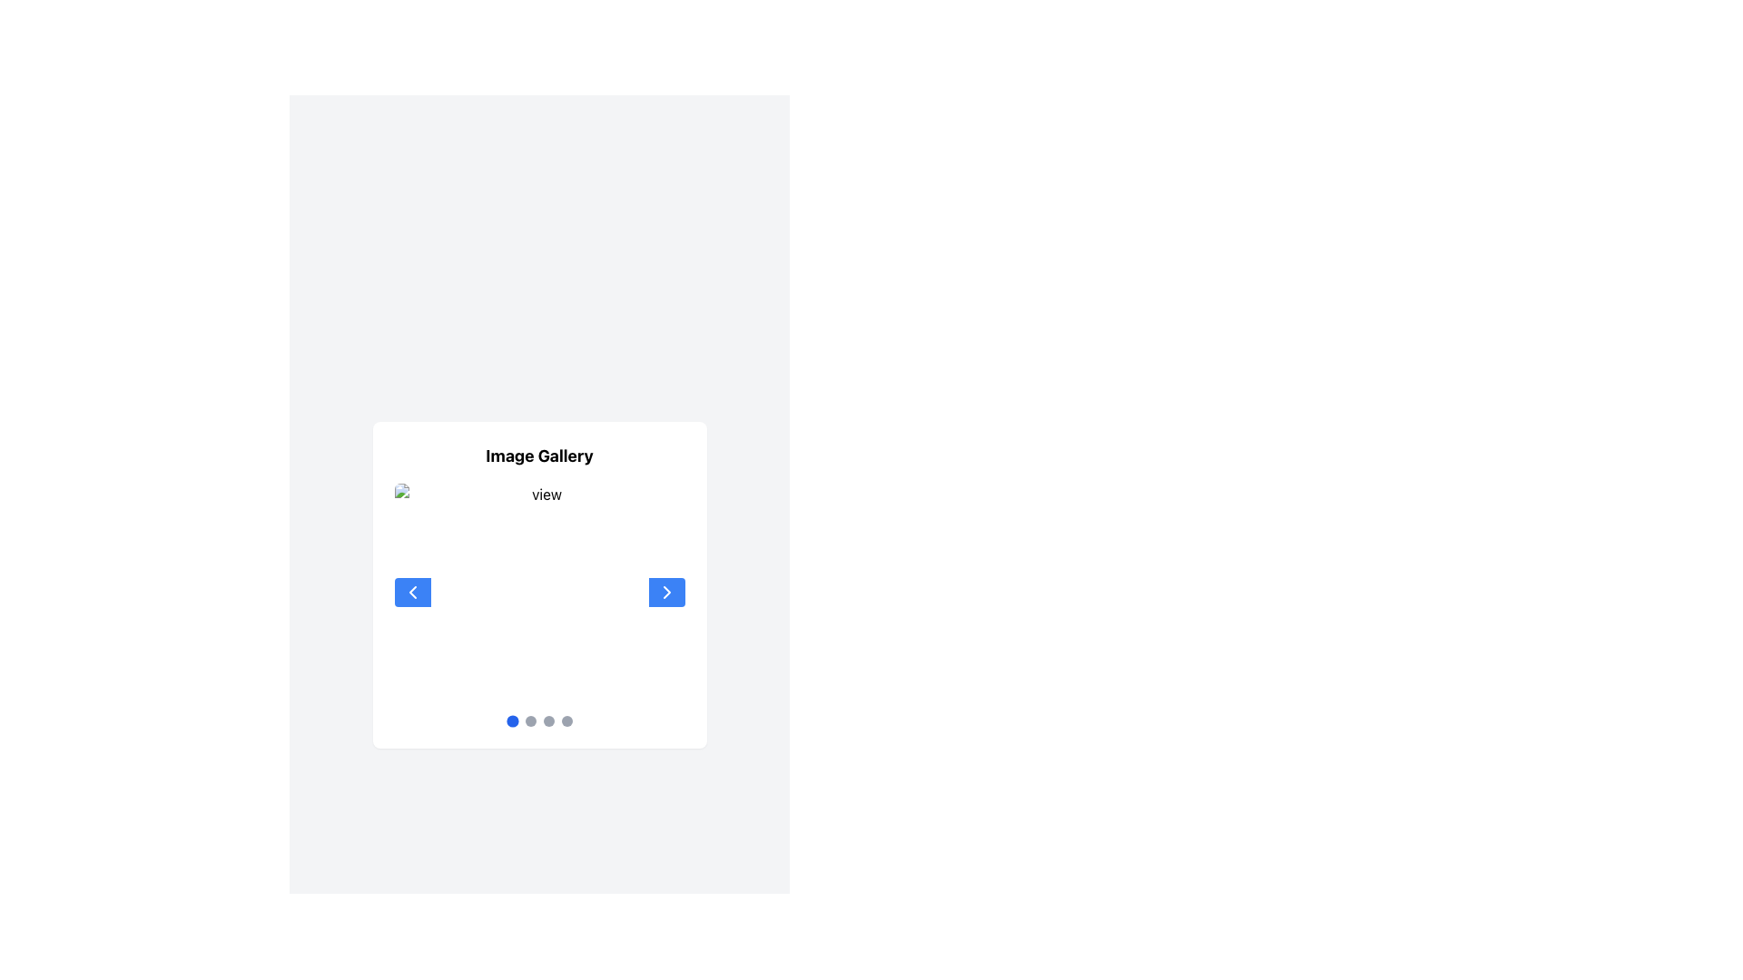 Image resolution: width=1743 pixels, height=980 pixels. What do you see at coordinates (665, 592) in the screenshot?
I see `the 'Next' icon located inside the blue rectangular button on the lower-middle-right section of the image gallery to trigger a visual or informational cue` at bounding box center [665, 592].